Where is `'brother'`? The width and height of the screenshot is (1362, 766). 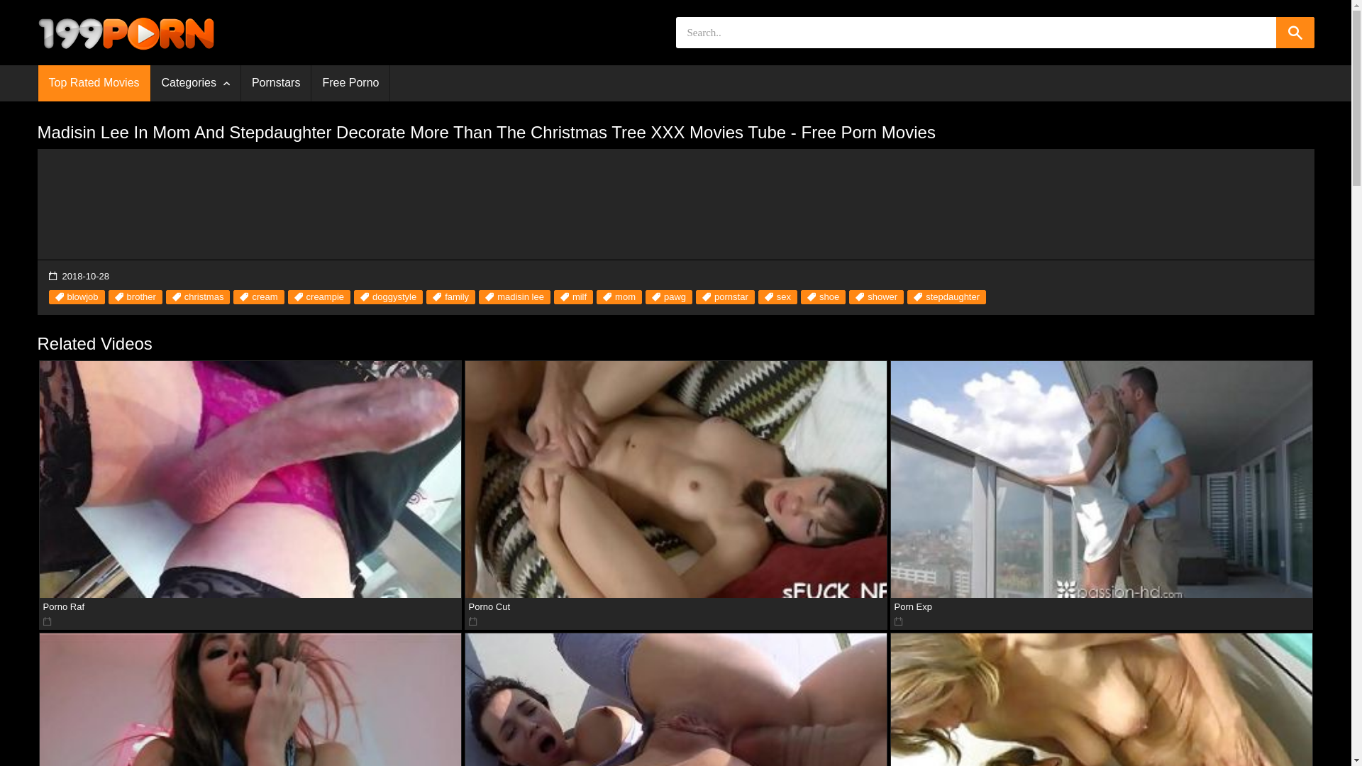
'brother' is located at coordinates (108, 296).